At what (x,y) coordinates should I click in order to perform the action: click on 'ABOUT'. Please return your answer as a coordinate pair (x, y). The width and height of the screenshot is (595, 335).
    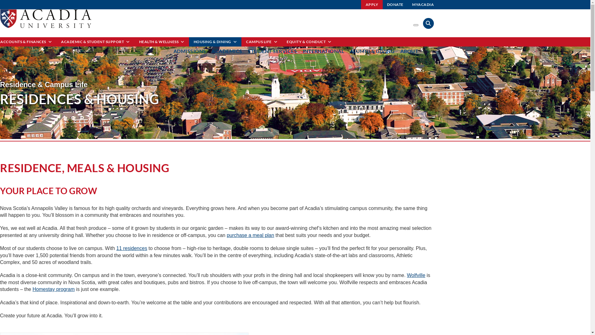
    Looking at the image, I should click on (409, 51).